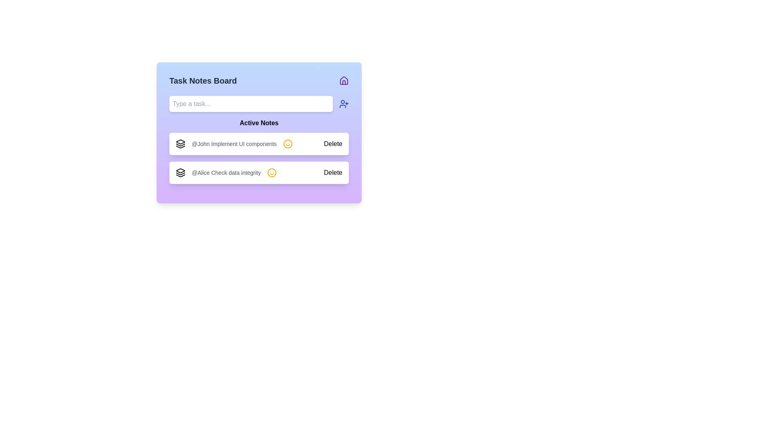 This screenshot has width=769, height=432. I want to click on the icon located at the leftmost side of the first note in the 'Active Notes' section, adjacent to the text '@John Implement UI components', so click(180, 143).